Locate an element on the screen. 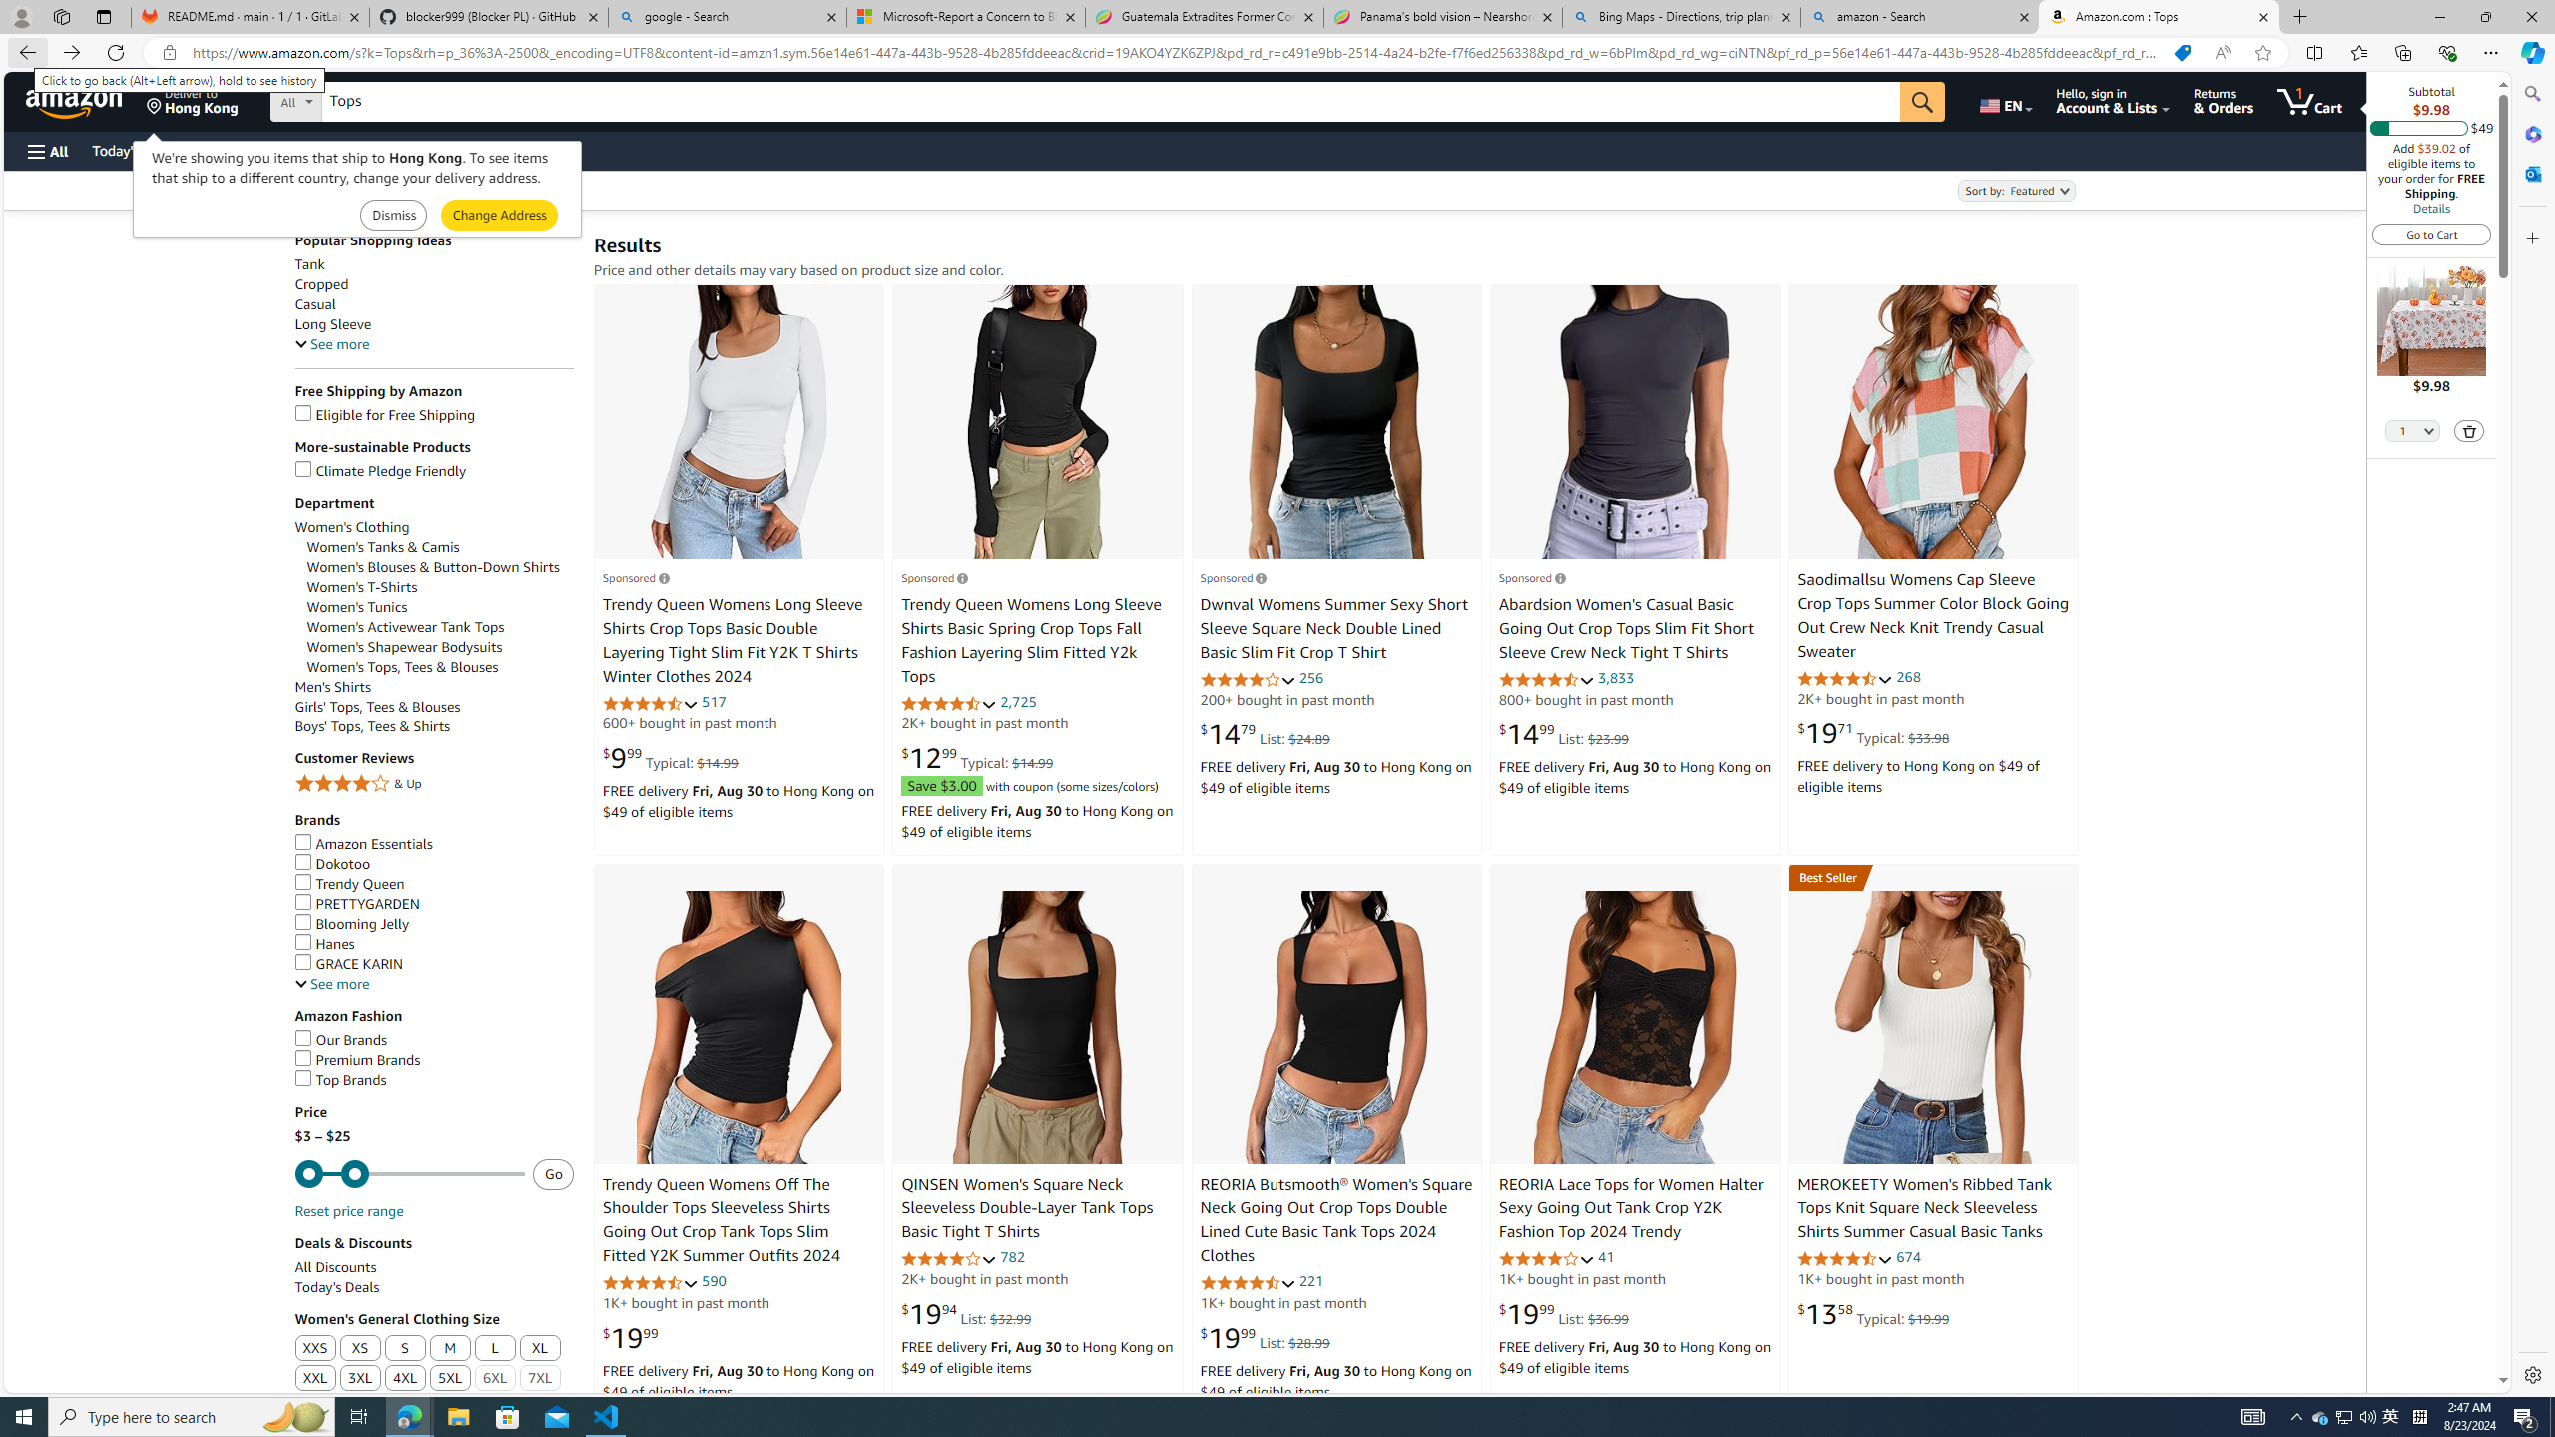 Image resolution: width=2555 pixels, height=1437 pixels. 'Sort by:' is located at coordinates (2014, 189).